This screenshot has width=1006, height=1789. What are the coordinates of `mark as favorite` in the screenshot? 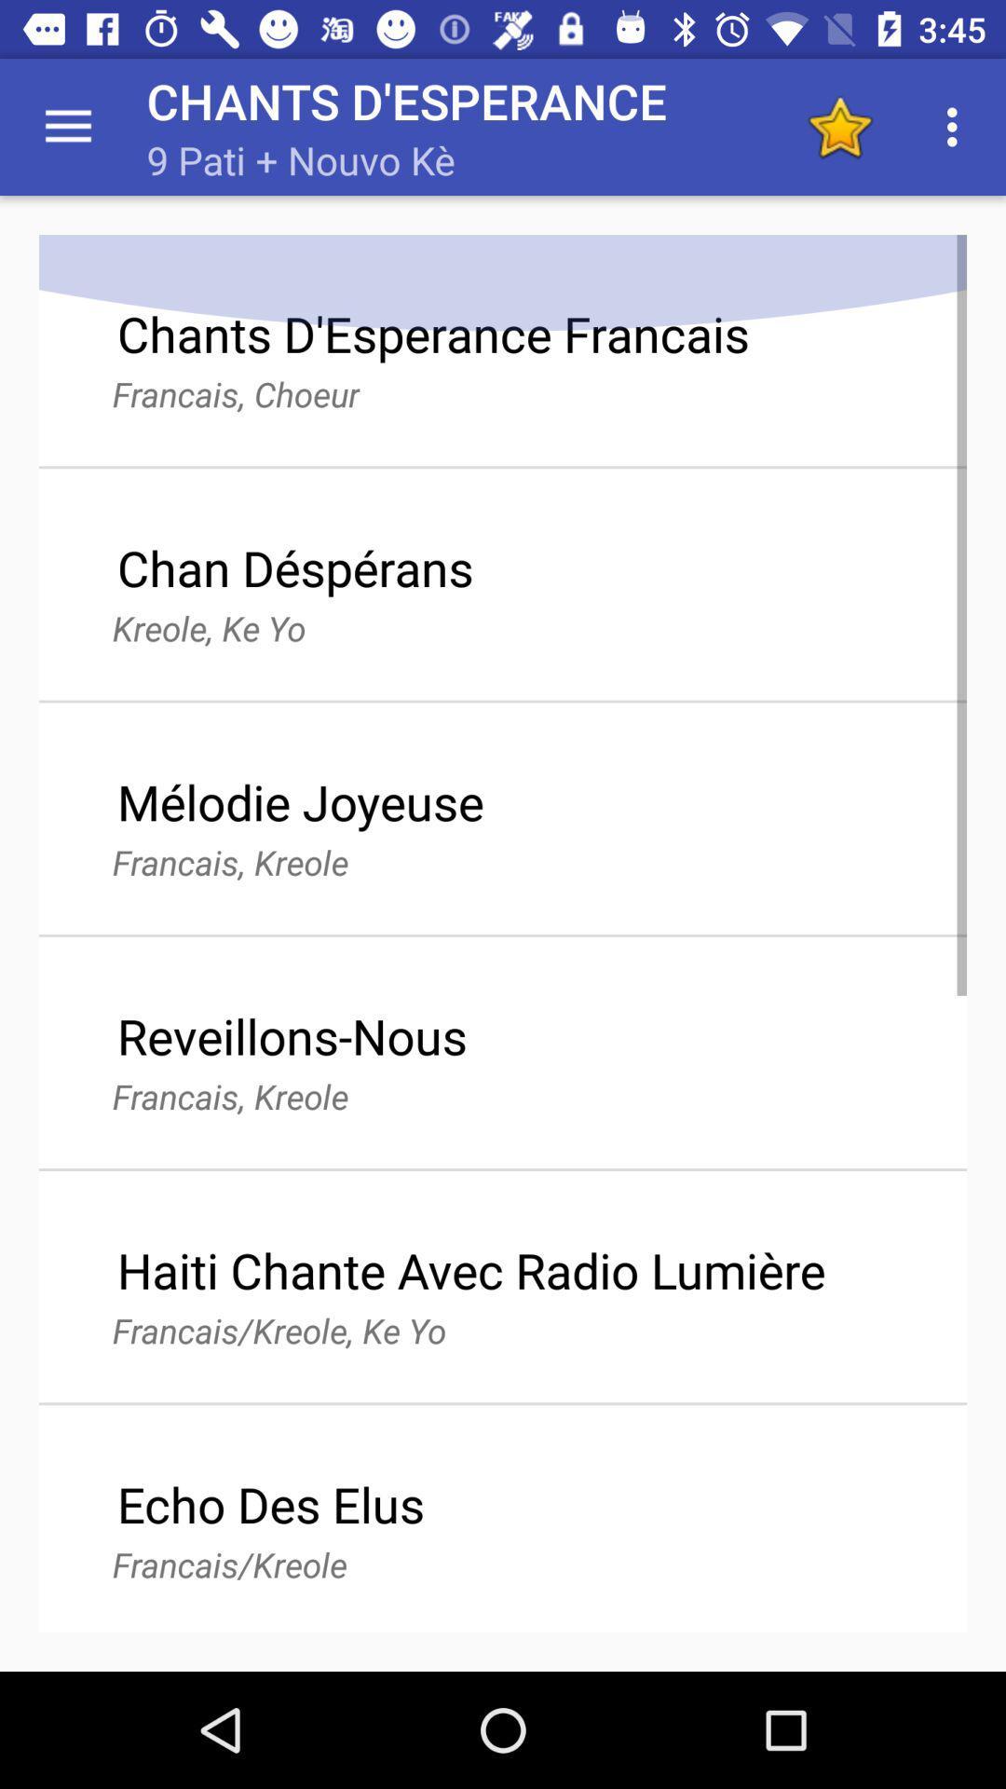 It's located at (839, 126).